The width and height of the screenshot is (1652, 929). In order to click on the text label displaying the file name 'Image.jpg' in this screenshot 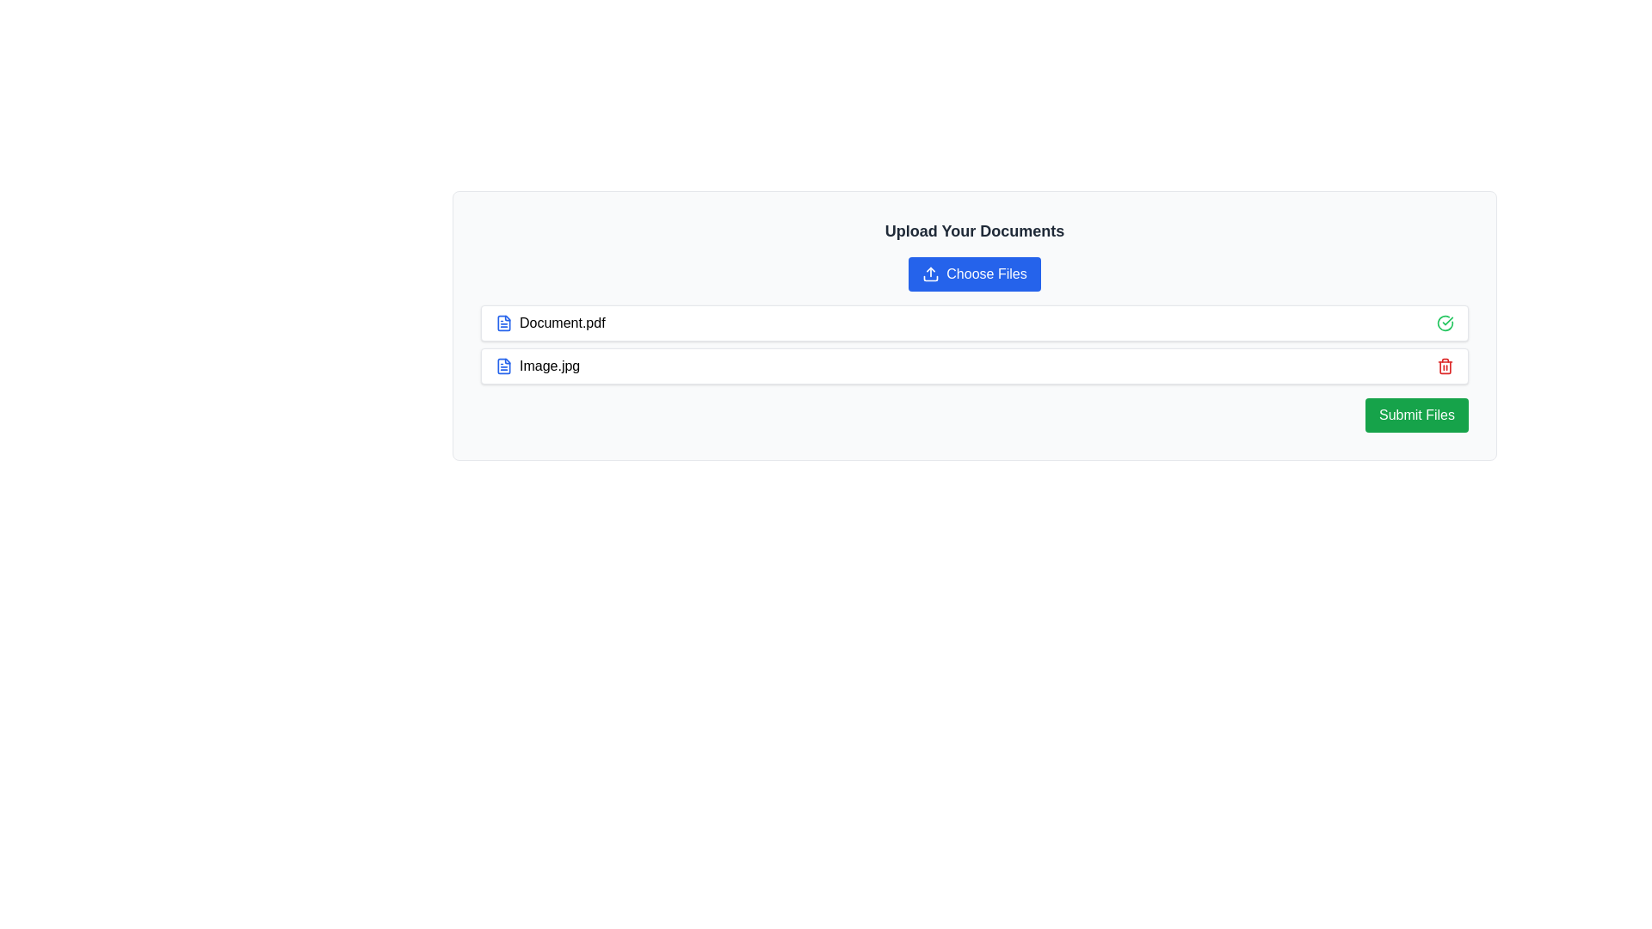, I will do `click(549, 365)`.